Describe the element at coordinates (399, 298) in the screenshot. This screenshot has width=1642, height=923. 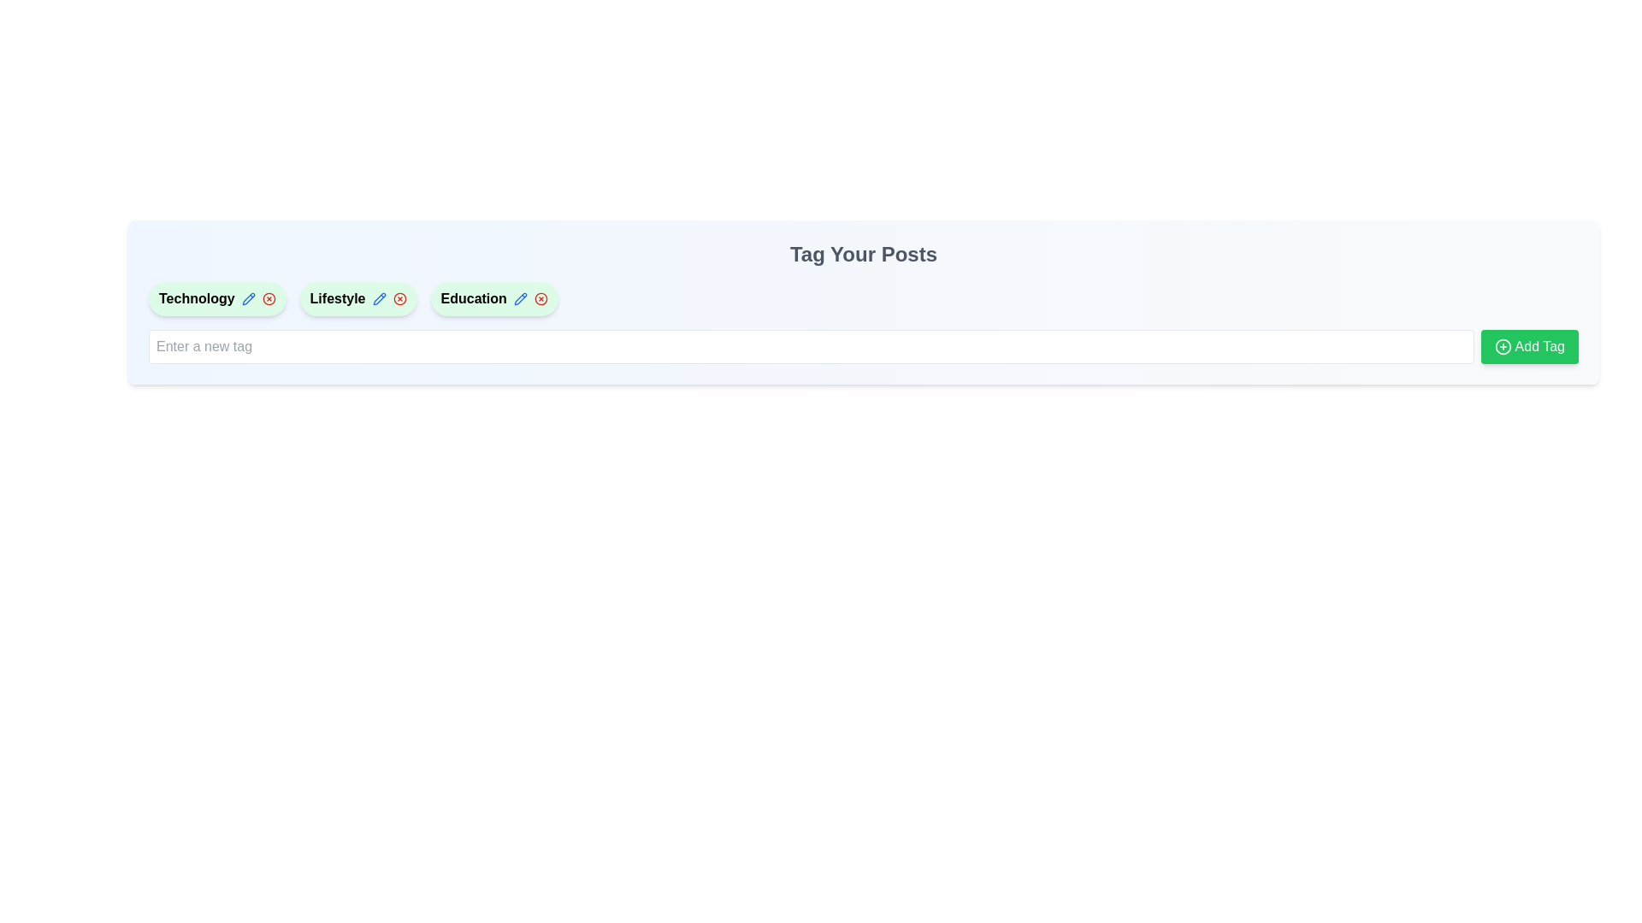
I see `the red circled 'X' delete icon located immediately to the right of the blue pencil icon, next to the 'Lifestyle' text, to initiate a delete action` at that location.